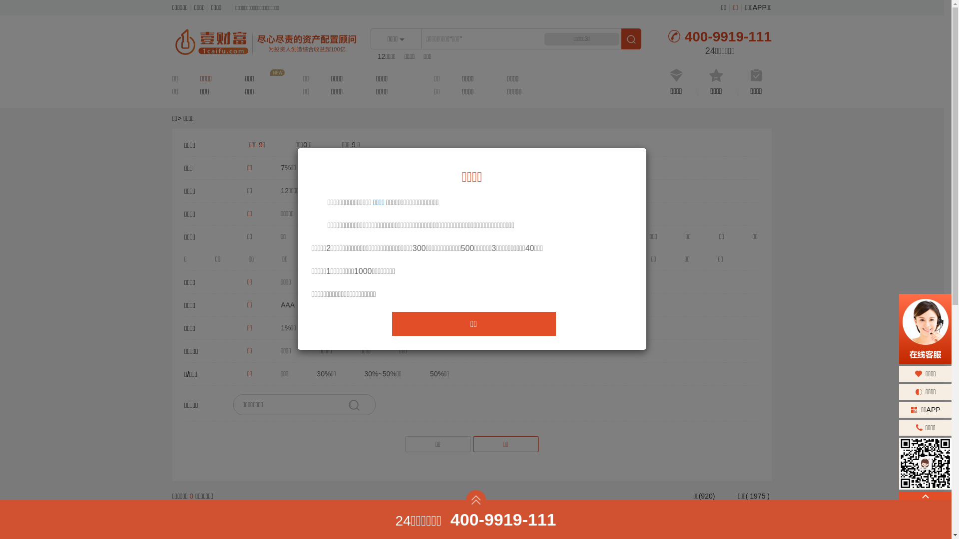  Describe the element at coordinates (333, 167) in the screenshot. I see `'7%-7.9%'` at that location.